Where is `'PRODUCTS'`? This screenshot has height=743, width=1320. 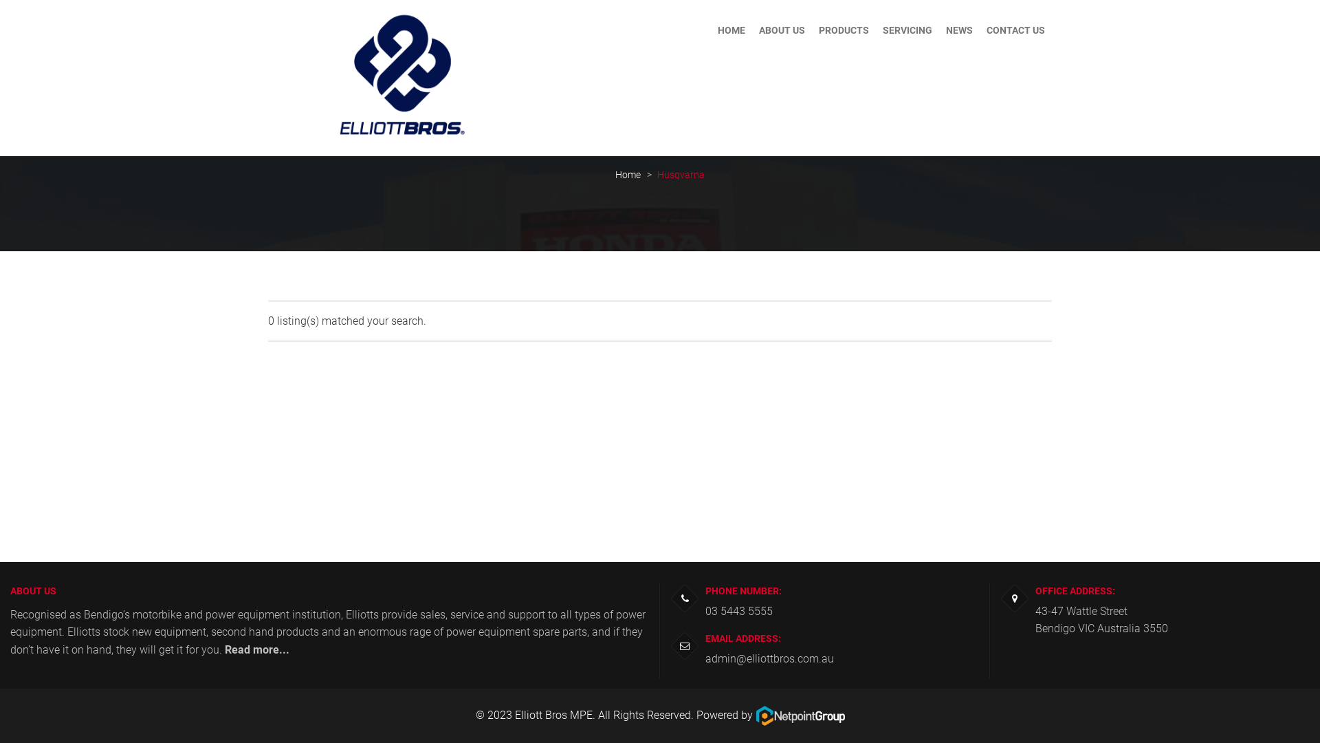 'PRODUCTS' is located at coordinates (843, 30).